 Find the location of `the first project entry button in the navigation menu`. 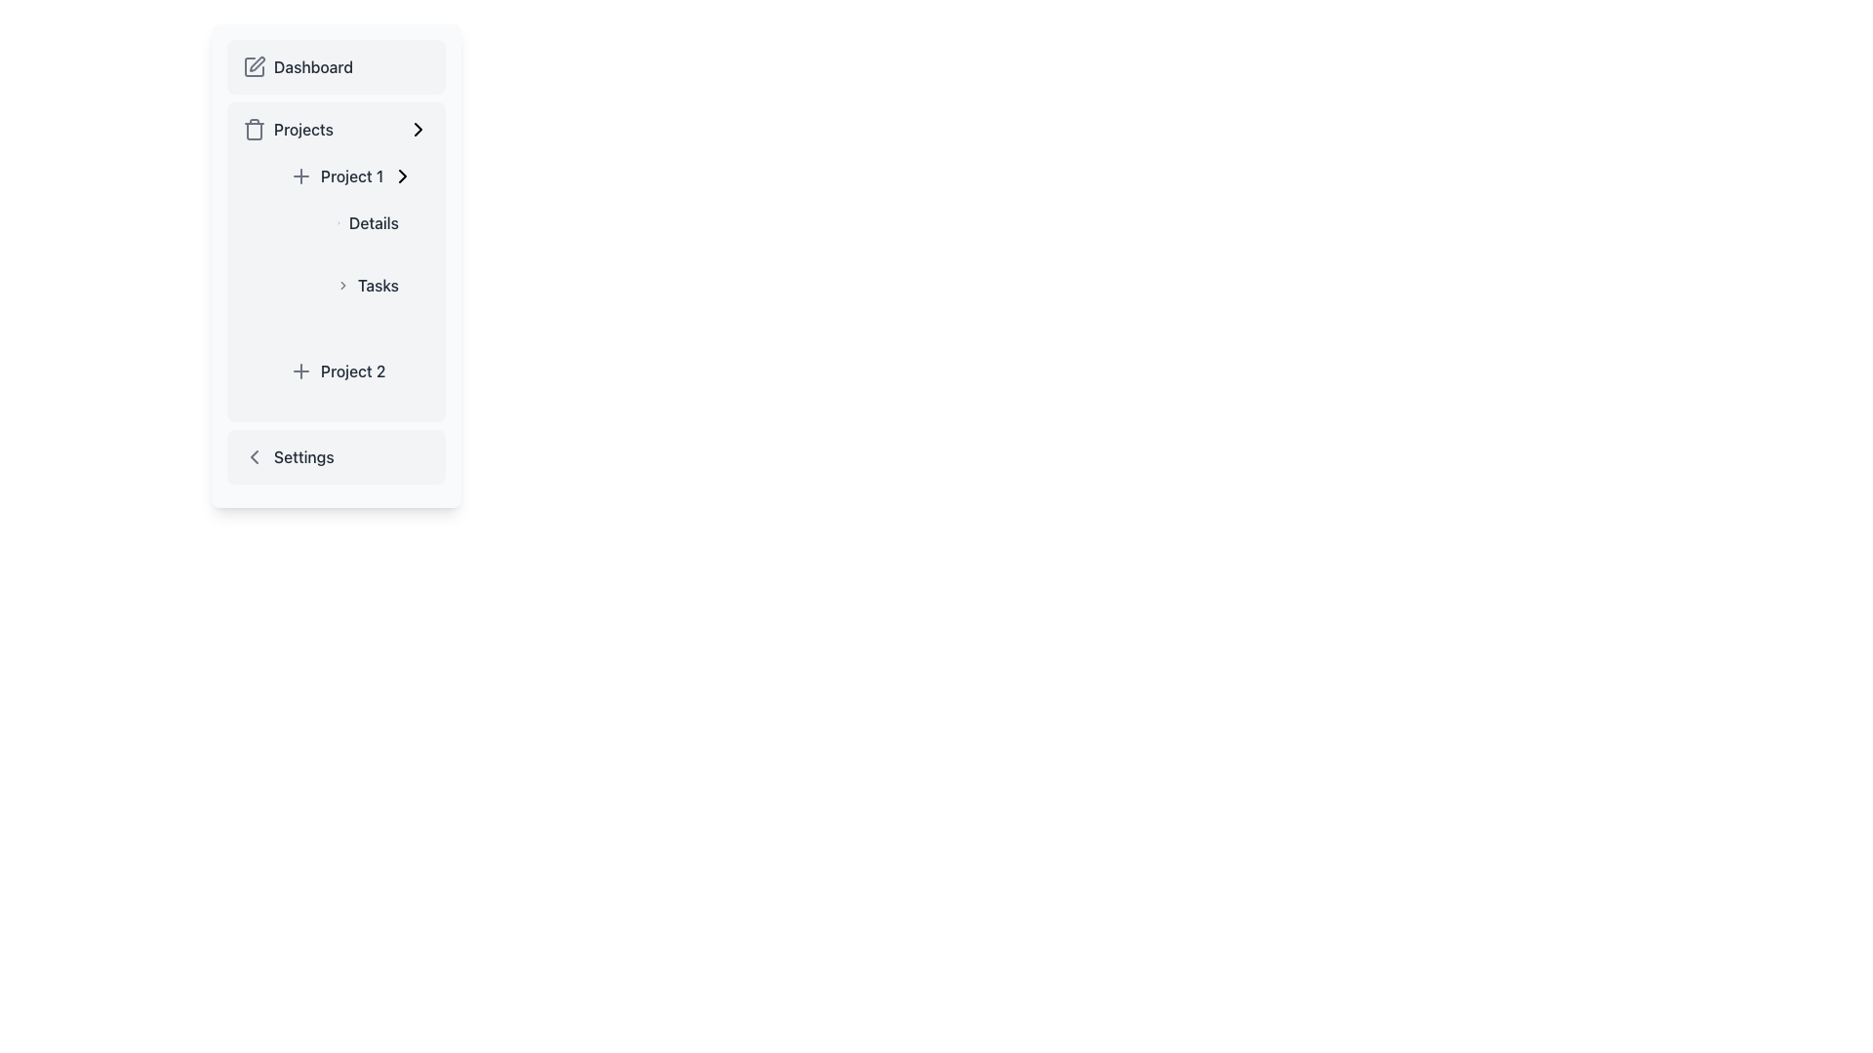

the first project entry button in the navigation menu is located at coordinates (351, 176).